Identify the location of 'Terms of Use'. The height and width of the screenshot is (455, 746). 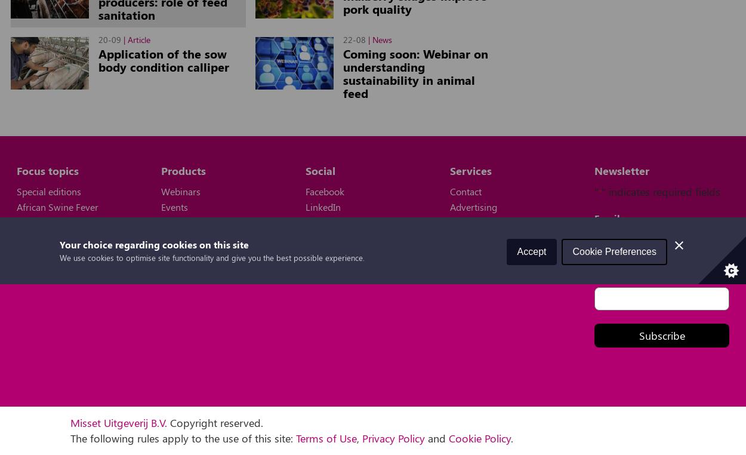
(326, 437).